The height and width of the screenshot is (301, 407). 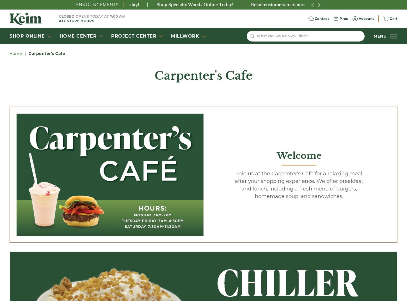 I want to click on 'Hot Tea.................................................... $2.00.........$2.50', so click(x=164, y=202).